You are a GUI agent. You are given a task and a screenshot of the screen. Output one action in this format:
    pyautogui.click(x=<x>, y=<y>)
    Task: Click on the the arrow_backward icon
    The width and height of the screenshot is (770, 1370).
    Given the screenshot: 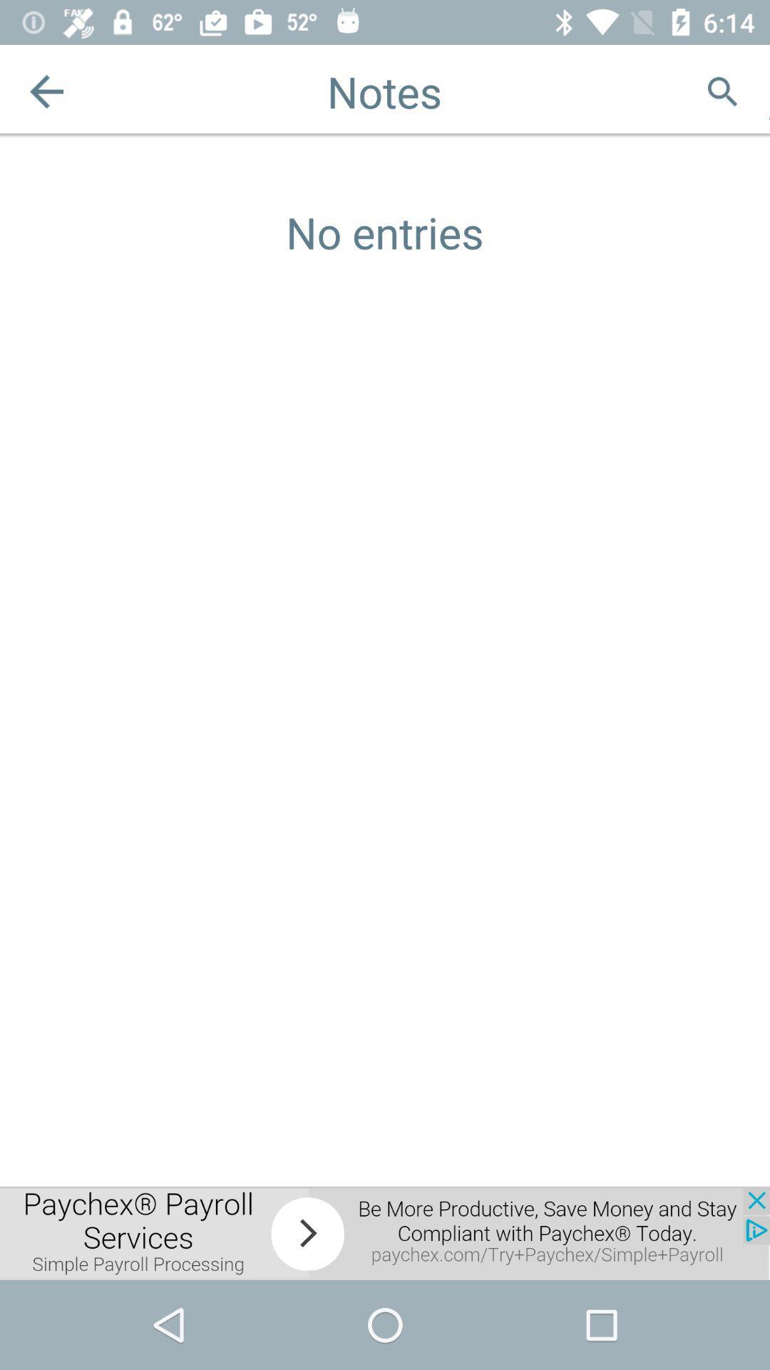 What is the action you would take?
    pyautogui.click(x=46, y=91)
    